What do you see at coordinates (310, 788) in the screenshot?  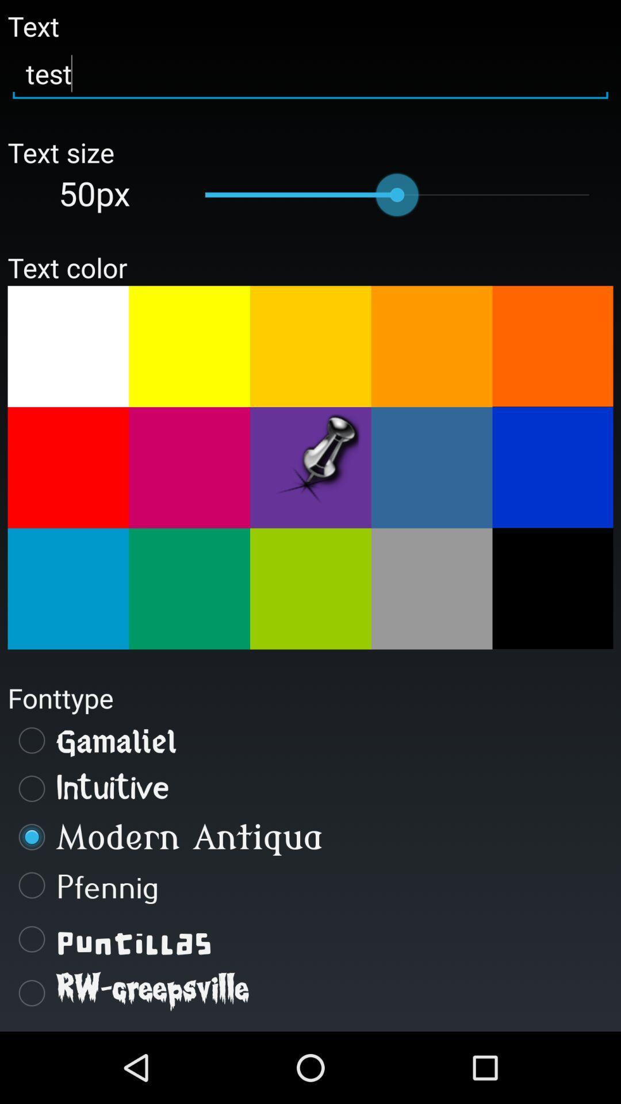 I see `intuitive to select the text` at bounding box center [310, 788].